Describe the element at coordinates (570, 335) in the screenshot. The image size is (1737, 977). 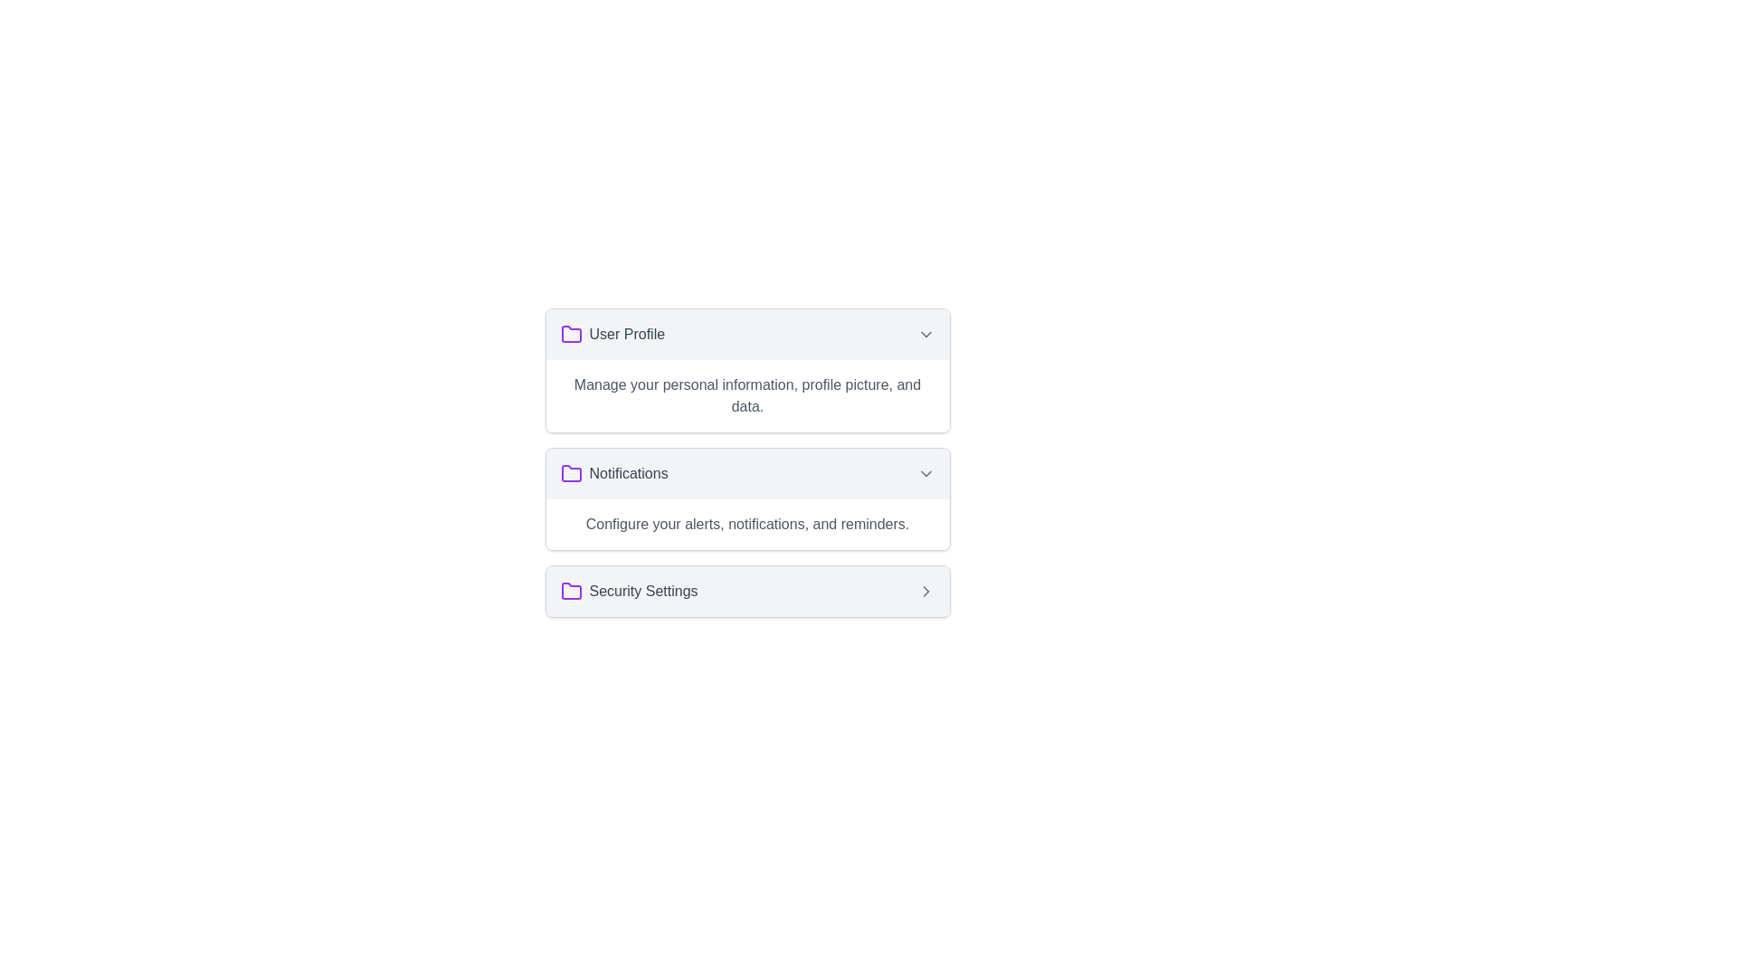
I see `the 'User Profile' icon located to the left of the 'User Profile' label in the section header at the top of the interface` at that location.